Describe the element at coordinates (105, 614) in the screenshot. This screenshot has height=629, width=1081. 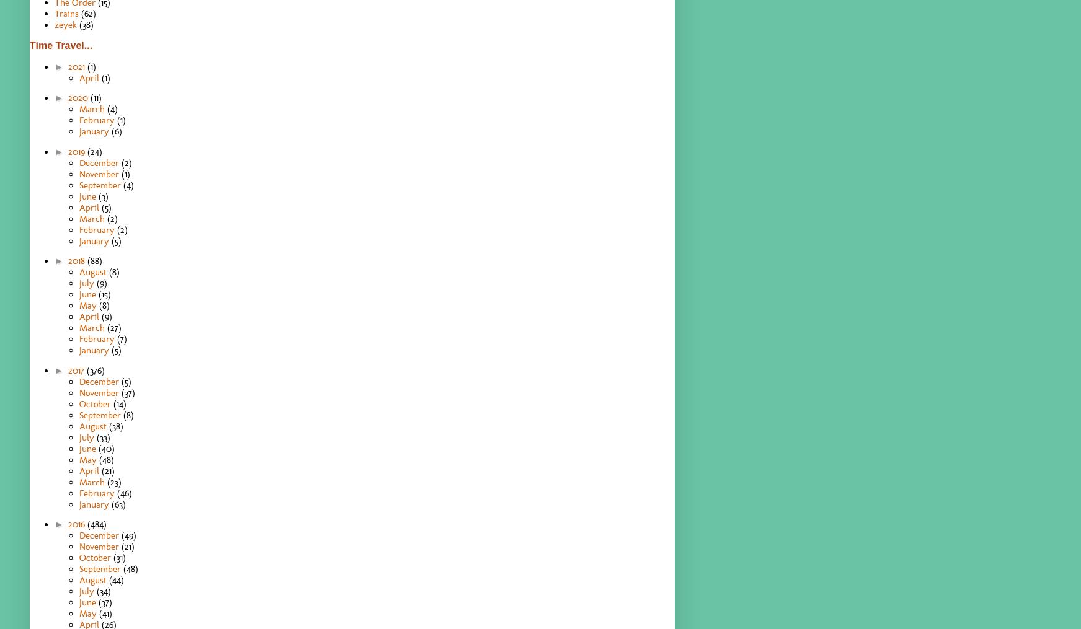
I see `'(41)'` at that location.